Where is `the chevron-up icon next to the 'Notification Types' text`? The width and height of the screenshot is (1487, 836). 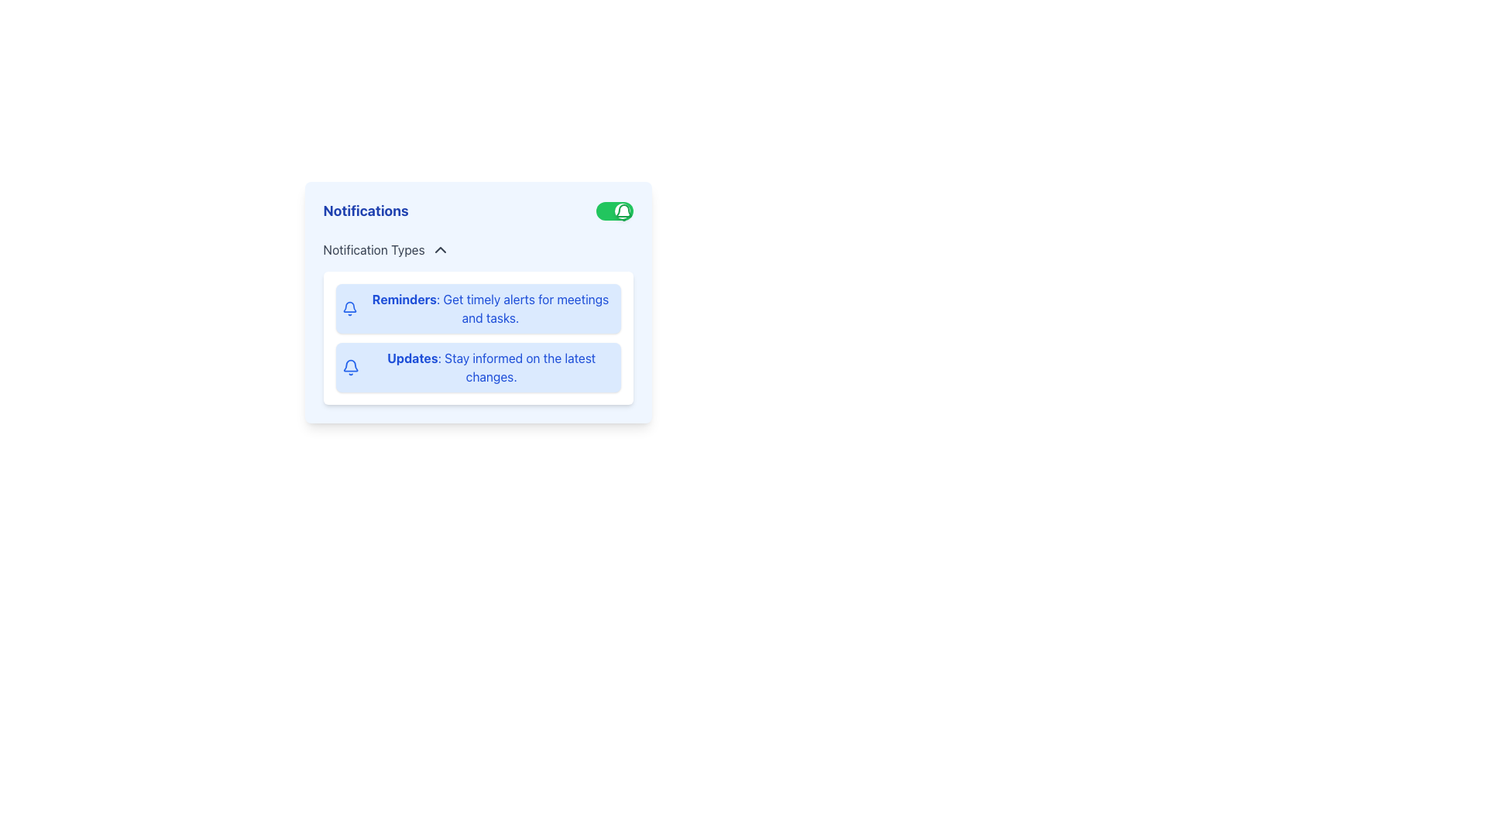 the chevron-up icon next to the 'Notification Types' text is located at coordinates (439, 249).